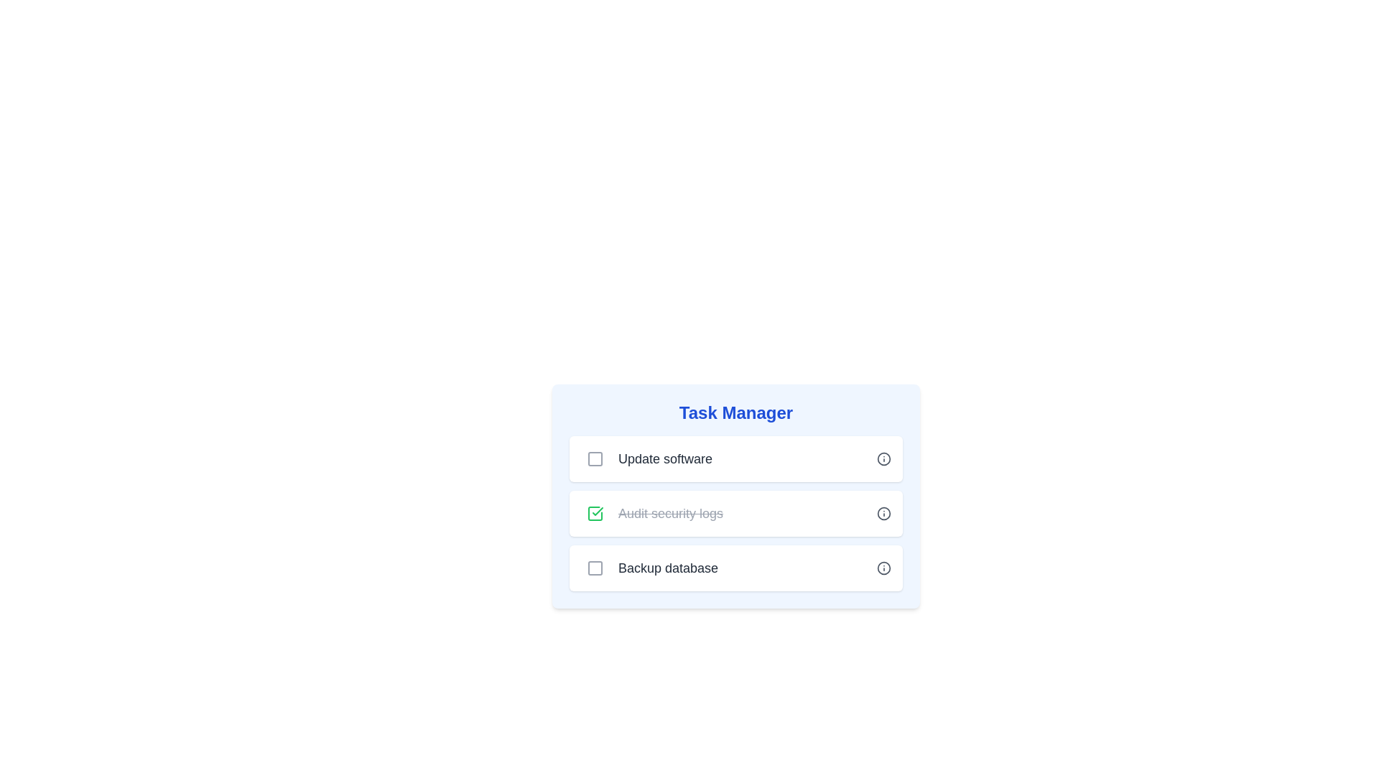  Describe the element at coordinates (736, 495) in the screenshot. I see `the completed task item labeled 'Audit security logs' in the Task Manager` at that location.